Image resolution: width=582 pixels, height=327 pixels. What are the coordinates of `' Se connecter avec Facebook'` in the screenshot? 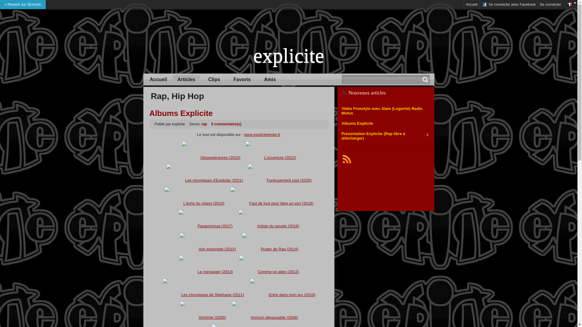 It's located at (509, 5).